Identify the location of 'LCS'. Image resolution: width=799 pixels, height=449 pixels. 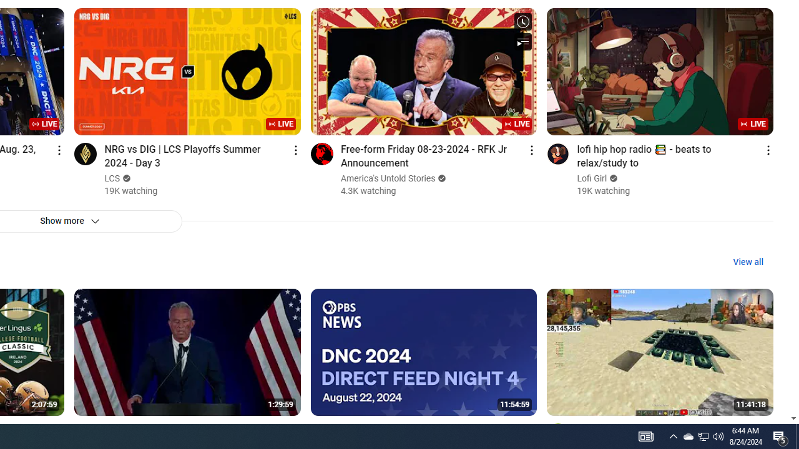
(112, 178).